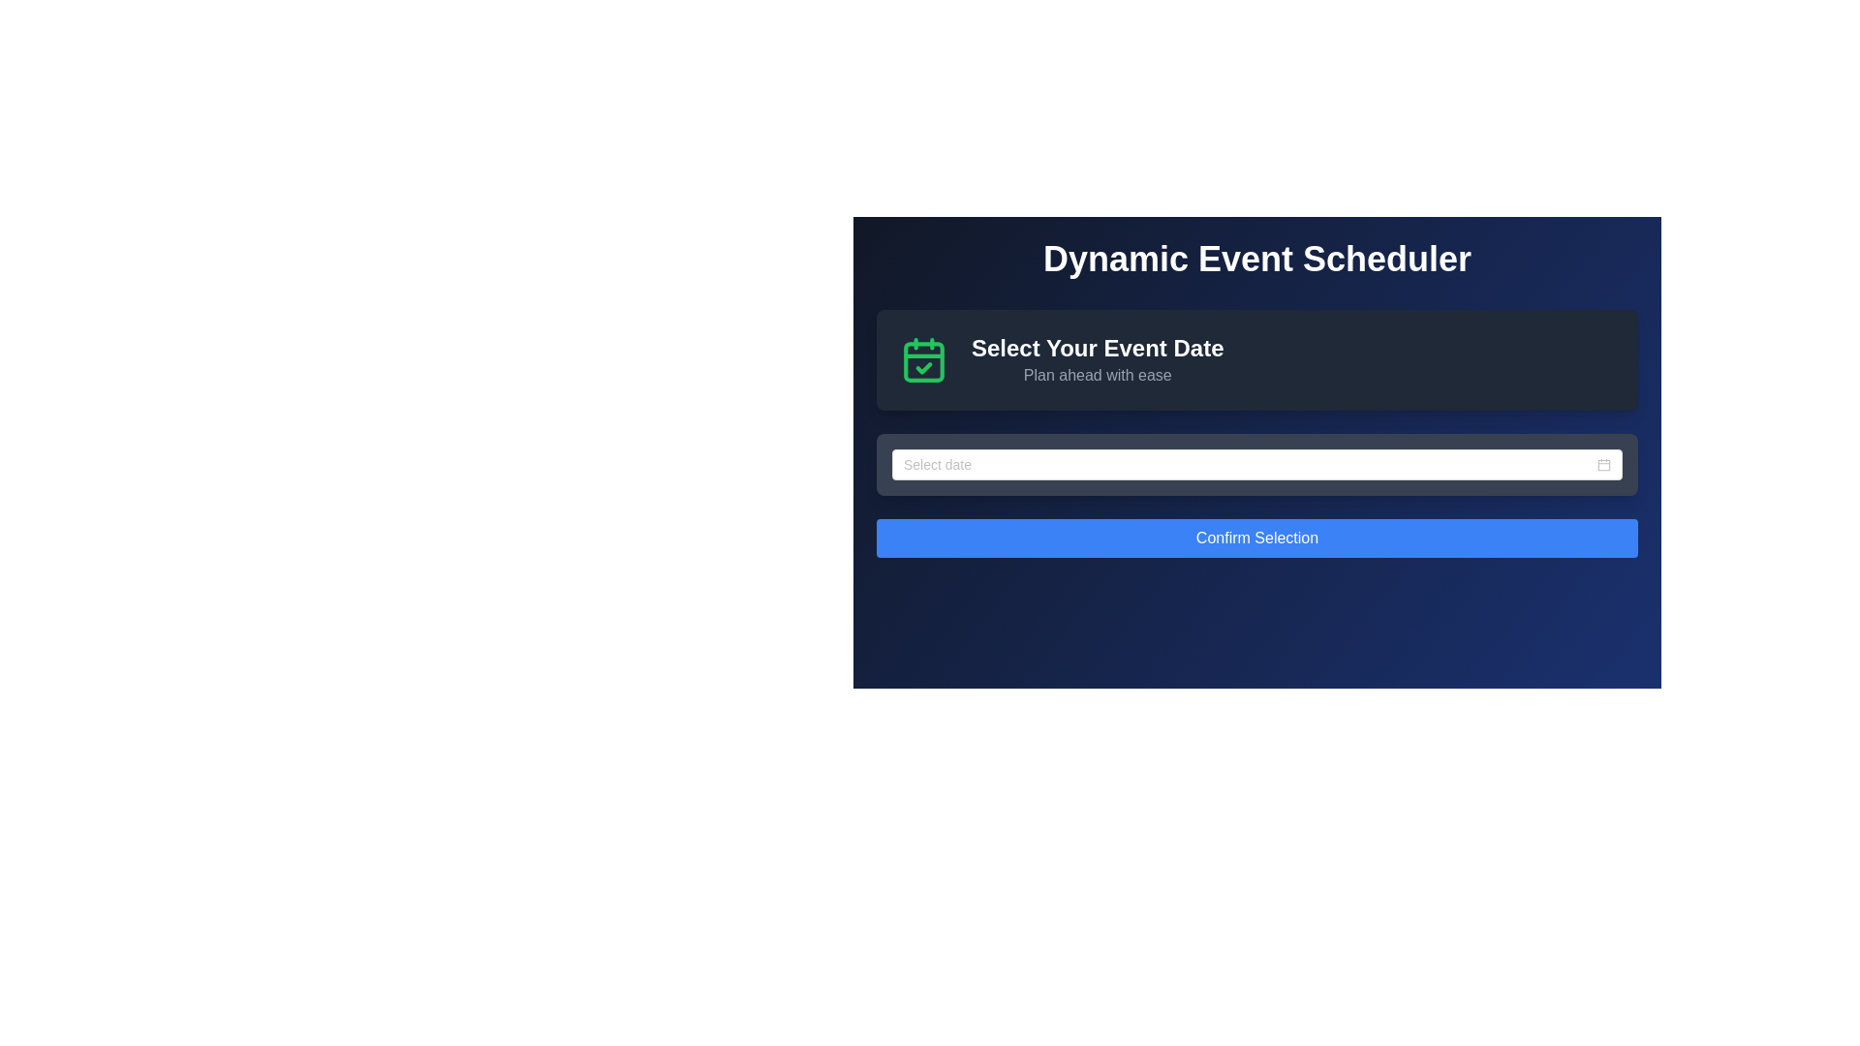  What do you see at coordinates (923, 359) in the screenshot?
I see `the calendar icon with a checkmark, which is located to the left of the 'Select Your Event Date' heading and the associated subtext, to trigger tooltips or effects` at bounding box center [923, 359].